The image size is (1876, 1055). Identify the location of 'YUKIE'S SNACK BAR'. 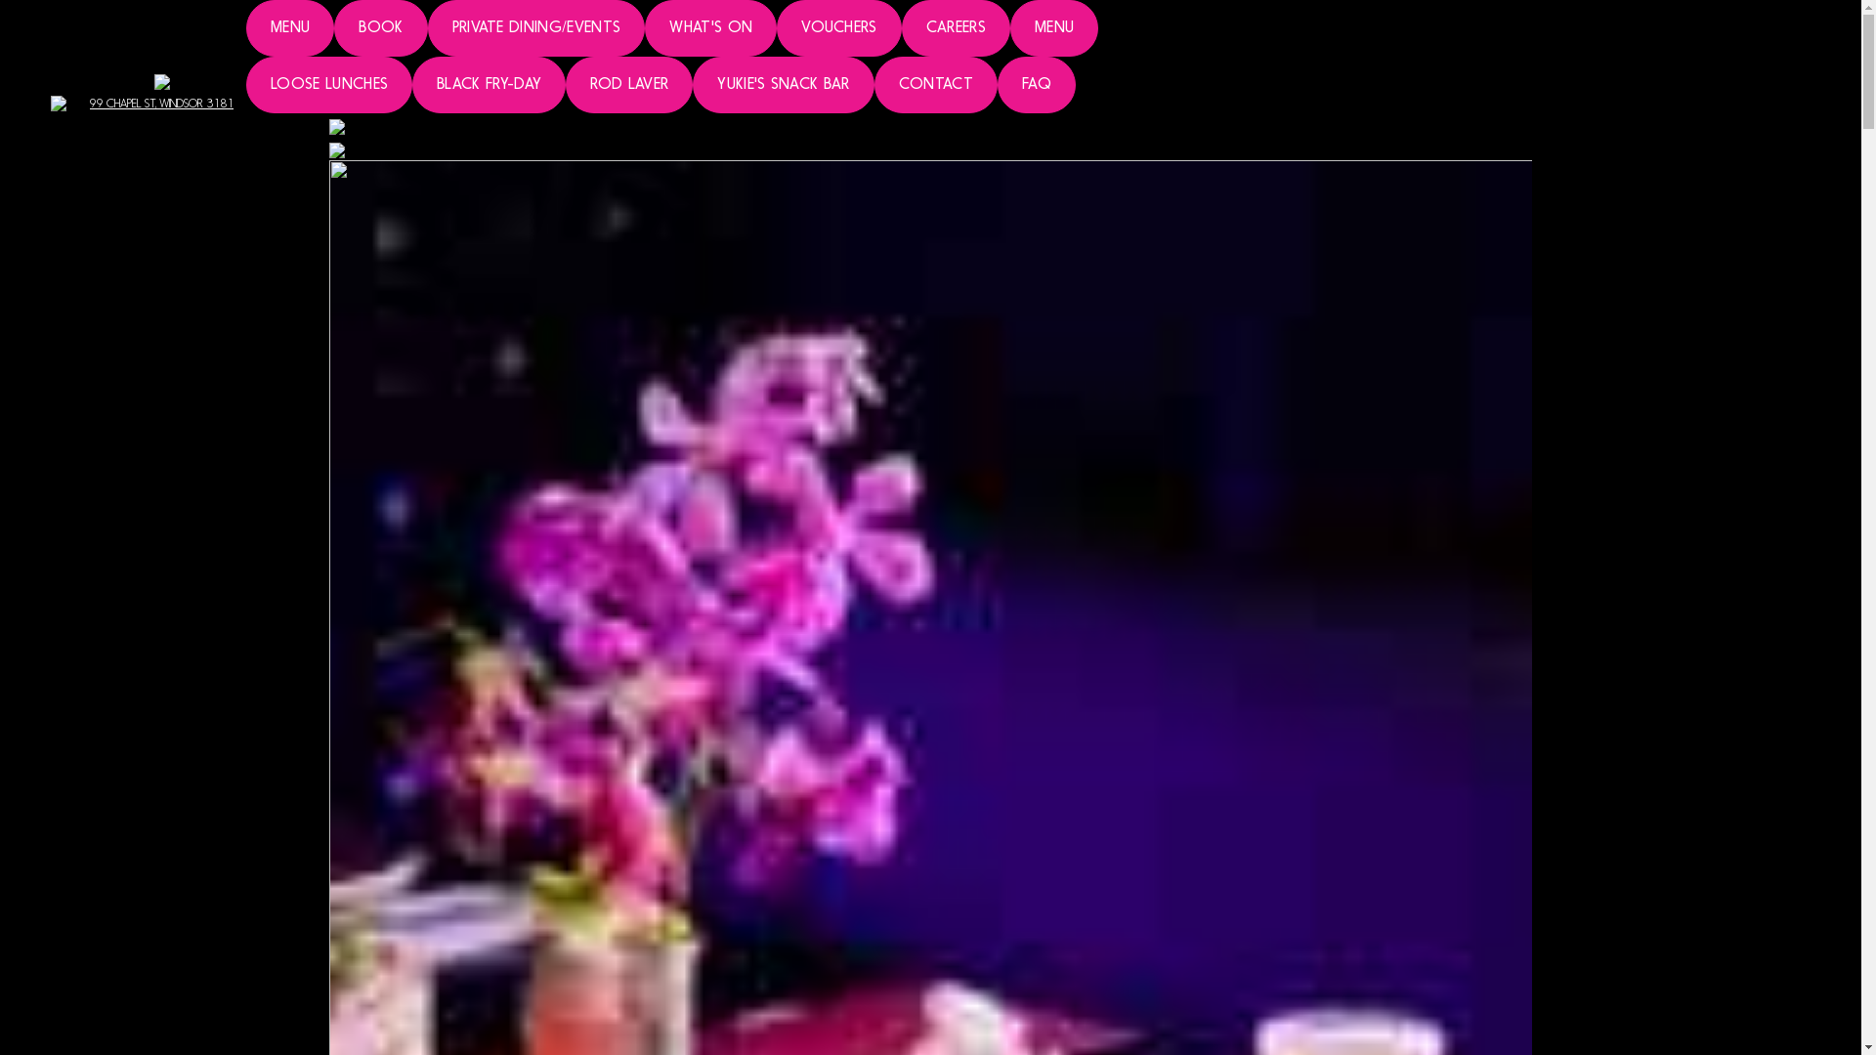
(693, 84).